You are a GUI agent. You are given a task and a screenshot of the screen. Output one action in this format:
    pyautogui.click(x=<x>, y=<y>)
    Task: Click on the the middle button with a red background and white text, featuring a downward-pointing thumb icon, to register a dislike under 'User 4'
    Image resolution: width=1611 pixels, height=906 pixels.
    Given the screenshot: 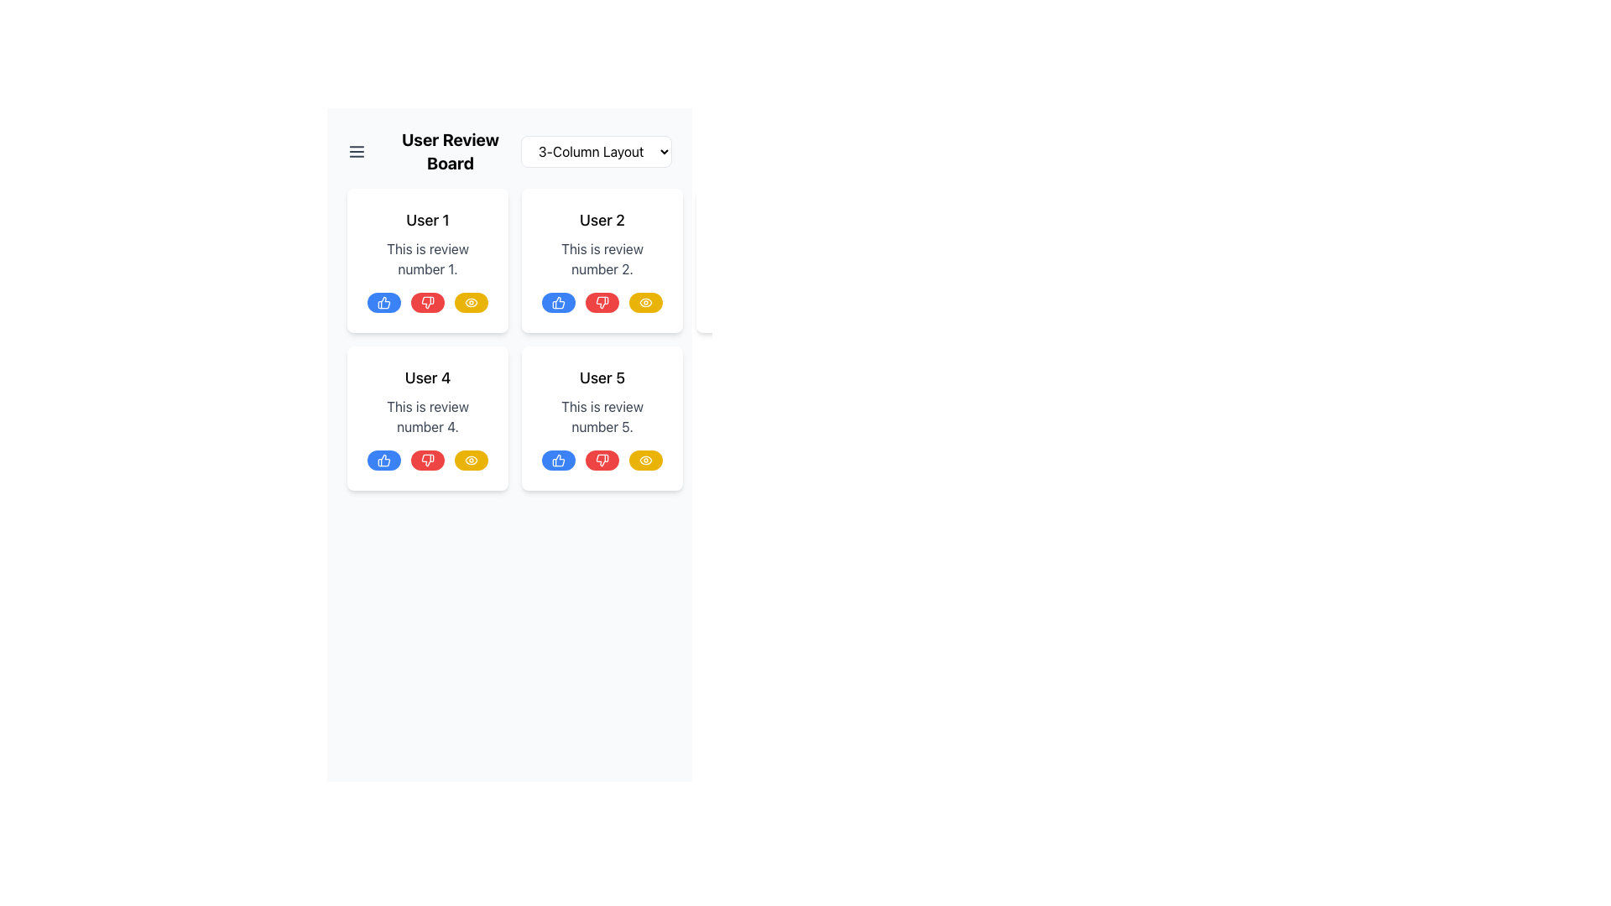 What is the action you would take?
    pyautogui.click(x=427, y=460)
    